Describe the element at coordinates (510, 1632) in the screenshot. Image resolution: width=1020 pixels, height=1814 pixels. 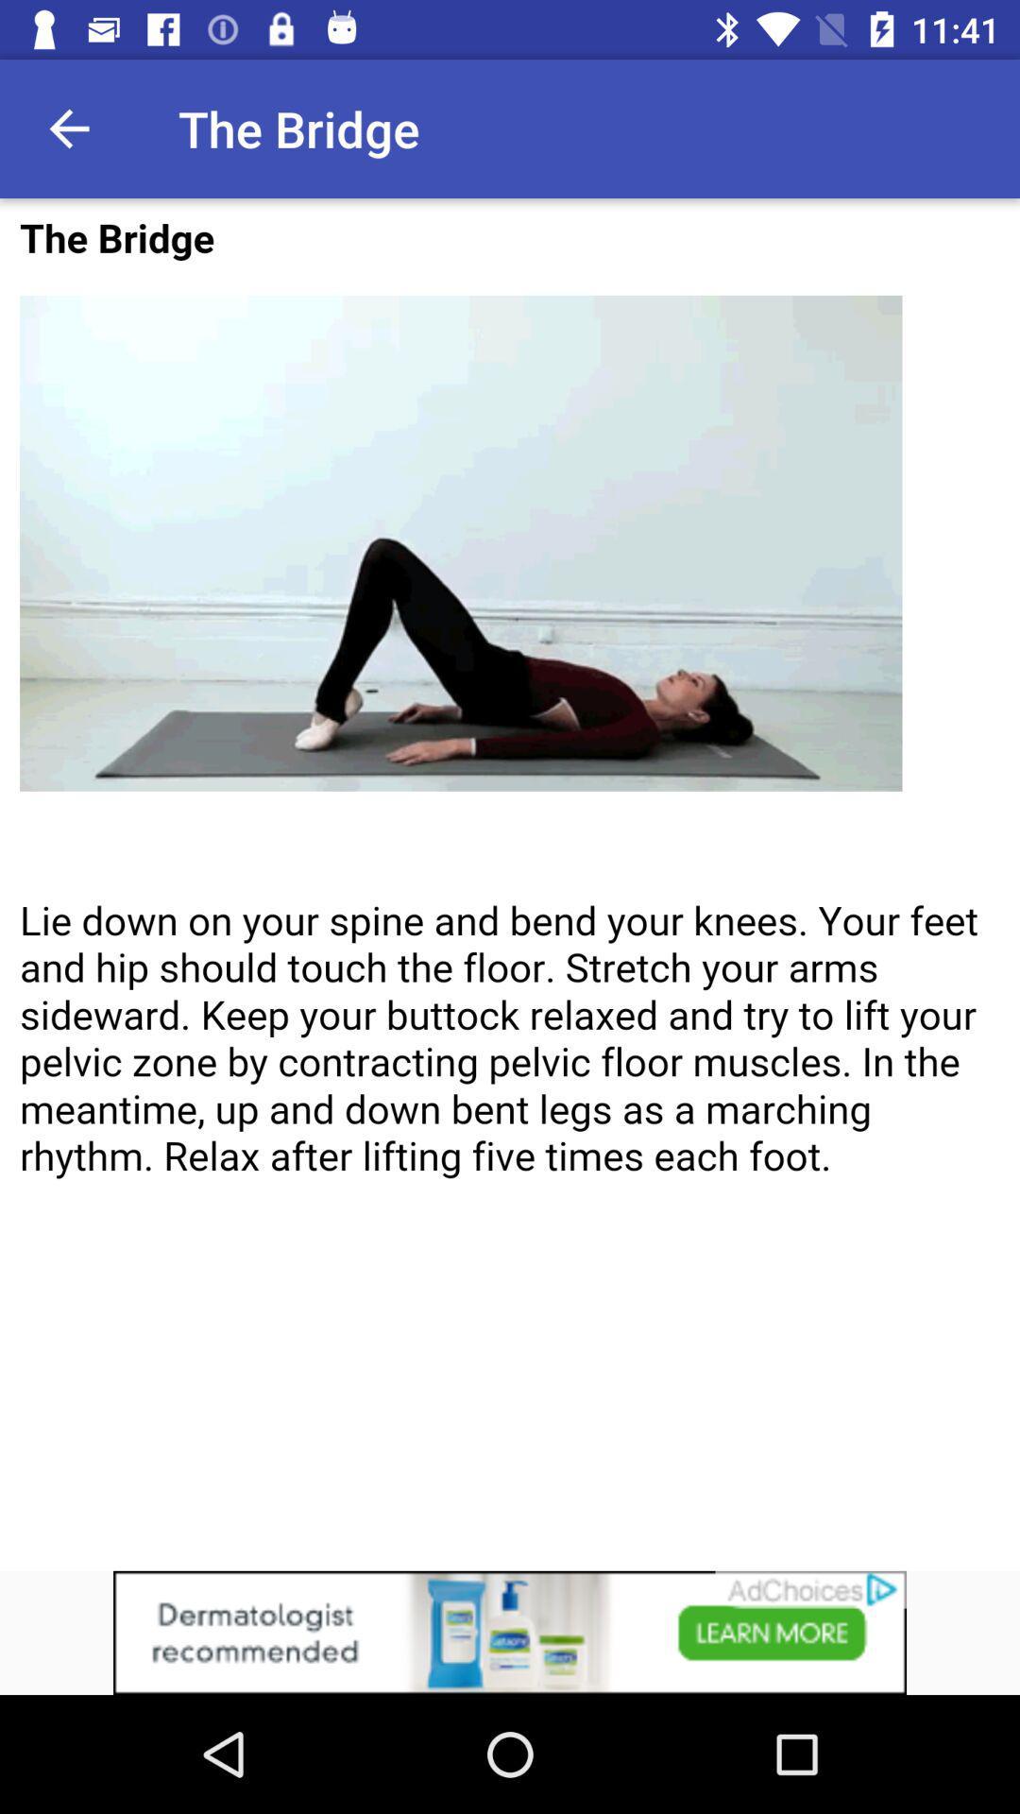
I see `advertisement` at that location.